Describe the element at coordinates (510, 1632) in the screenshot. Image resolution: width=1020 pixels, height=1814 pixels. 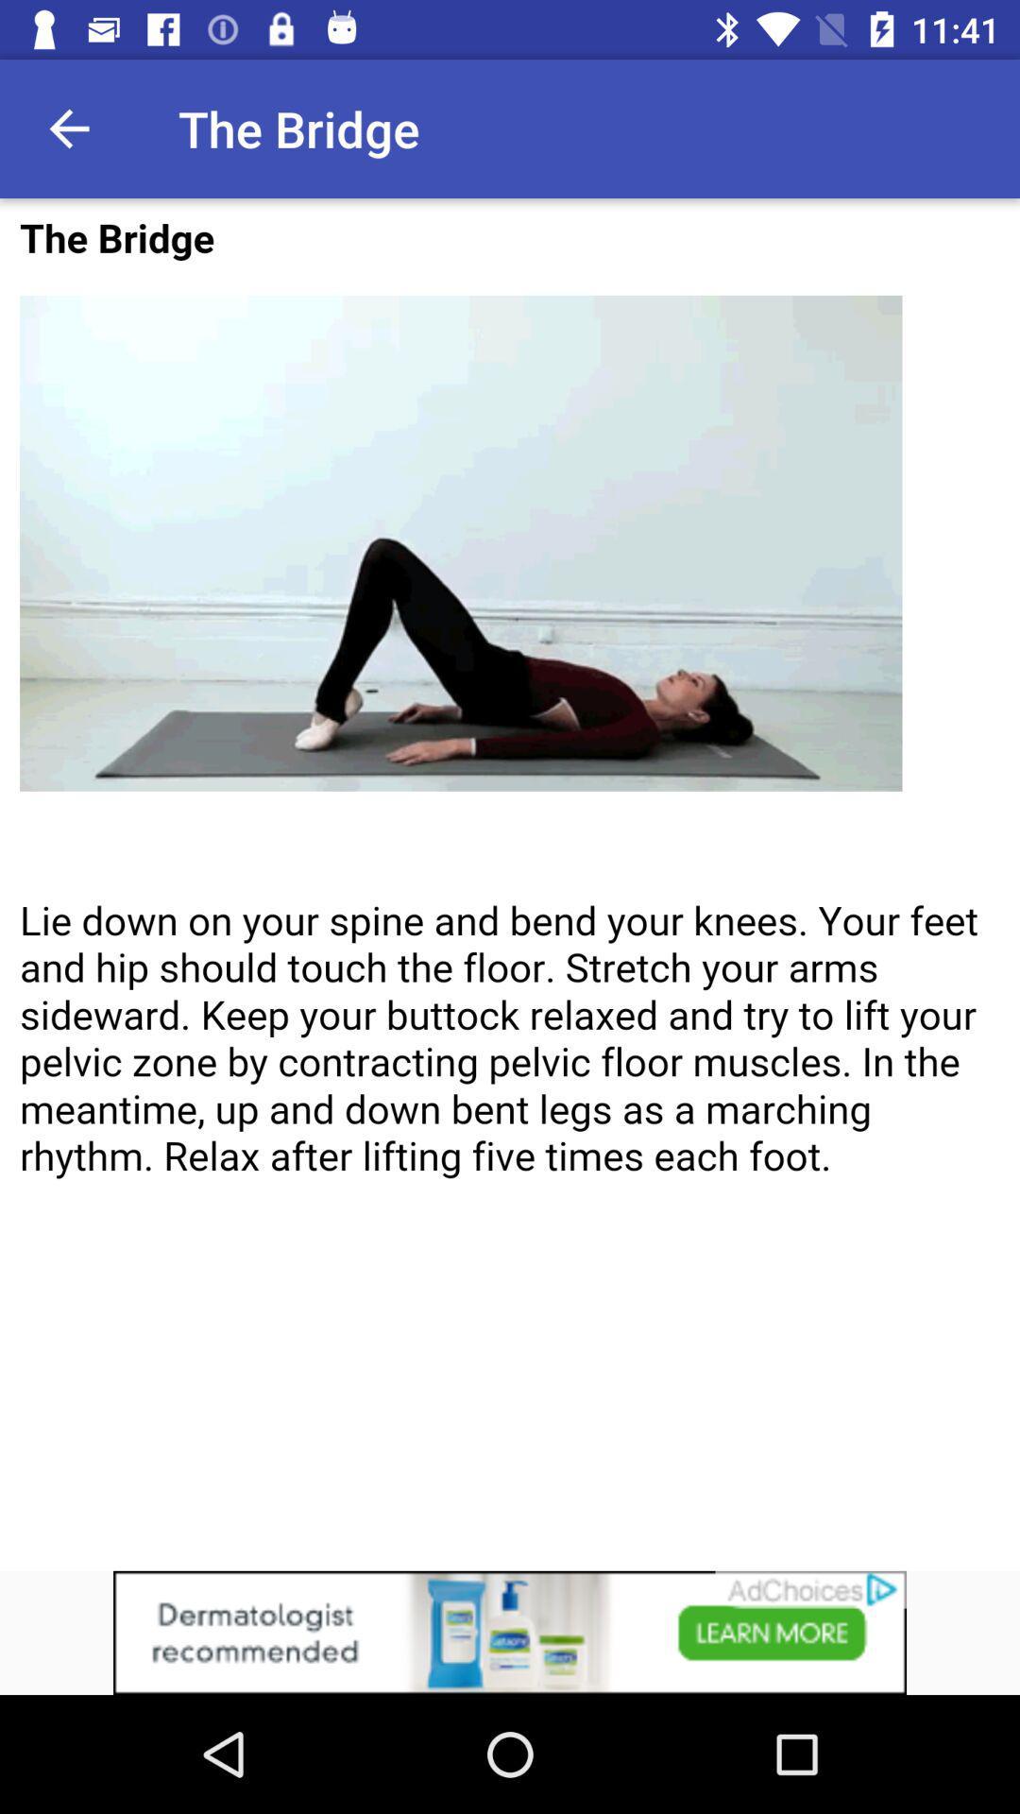
I see `advertisement` at that location.